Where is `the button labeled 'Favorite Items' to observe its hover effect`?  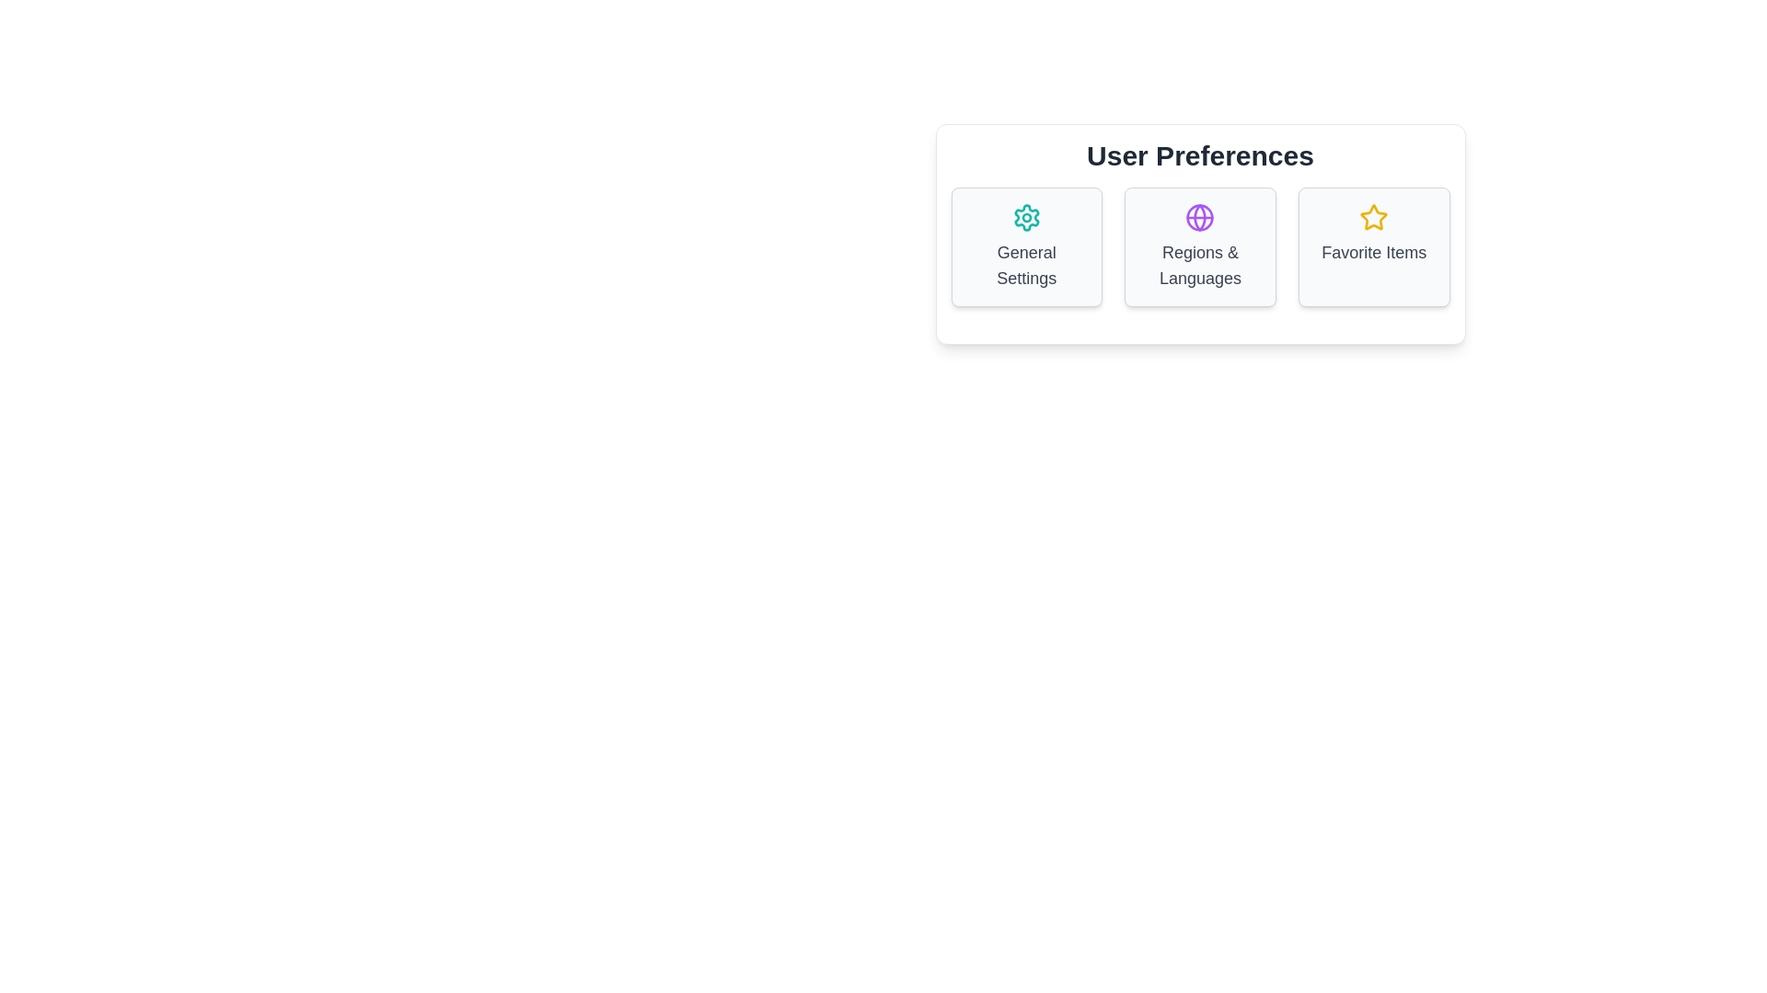
the button labeled 'Favorite Items' to observe its hover effect is located at coordinates (1374, 246).